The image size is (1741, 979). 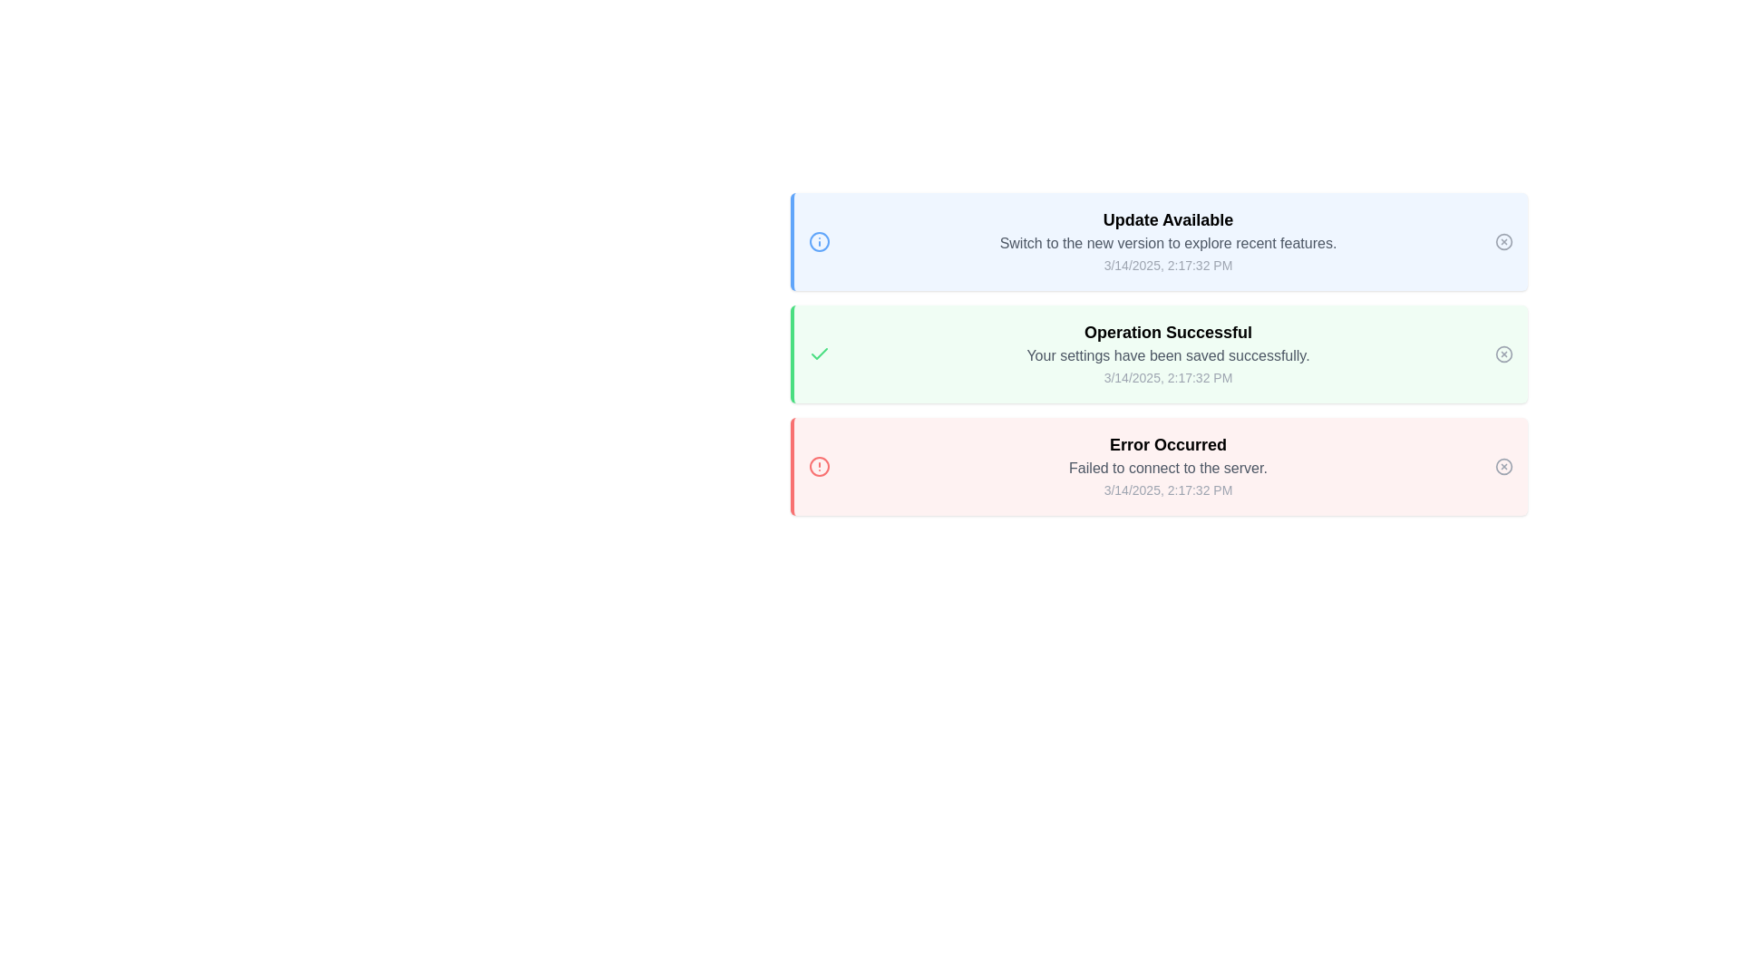 What do you see at coordinates (818, 353) in the screenshot?
I see `the decorative checkmark icon within the green notification block labeled 'Operation Successful'` at bounding box center [818, 353].